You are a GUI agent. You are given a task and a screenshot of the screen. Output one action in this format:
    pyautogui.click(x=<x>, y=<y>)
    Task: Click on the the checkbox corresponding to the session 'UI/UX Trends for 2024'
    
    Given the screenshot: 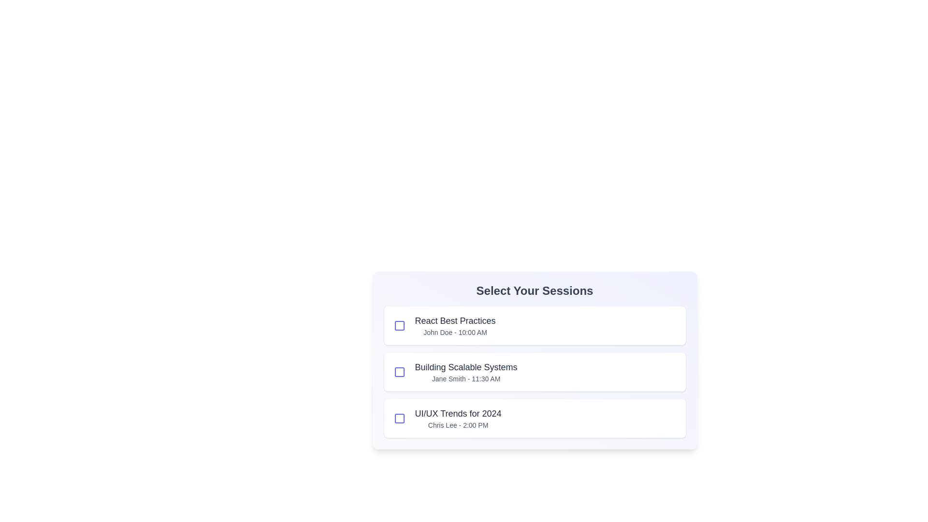 What is the action you would take?
    pyautogui.click(x=399, y=418)
    